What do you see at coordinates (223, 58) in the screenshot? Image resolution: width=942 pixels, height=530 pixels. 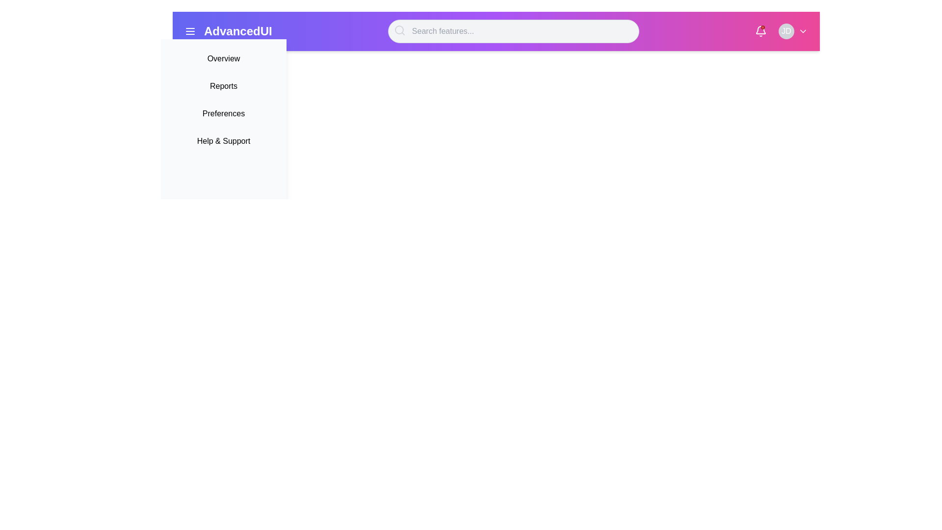 I see `the 'Overview' button-like text label` at bounding box center [223, 58].